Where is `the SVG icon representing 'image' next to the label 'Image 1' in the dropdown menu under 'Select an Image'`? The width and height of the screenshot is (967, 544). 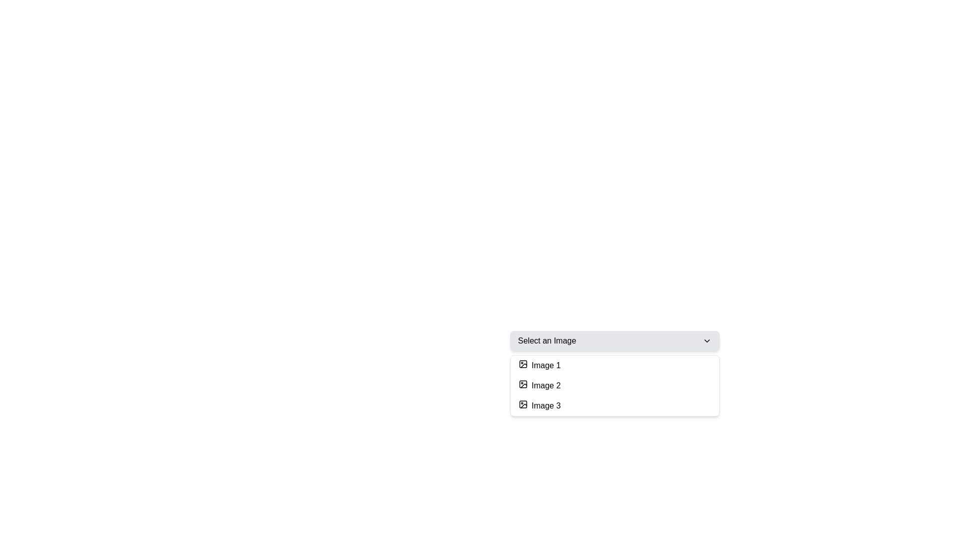 the SVG icon representing 'image' next to the label 'Image 1' in the dropdown menu under 'Select an Image' is located at coordinates (523, 364).